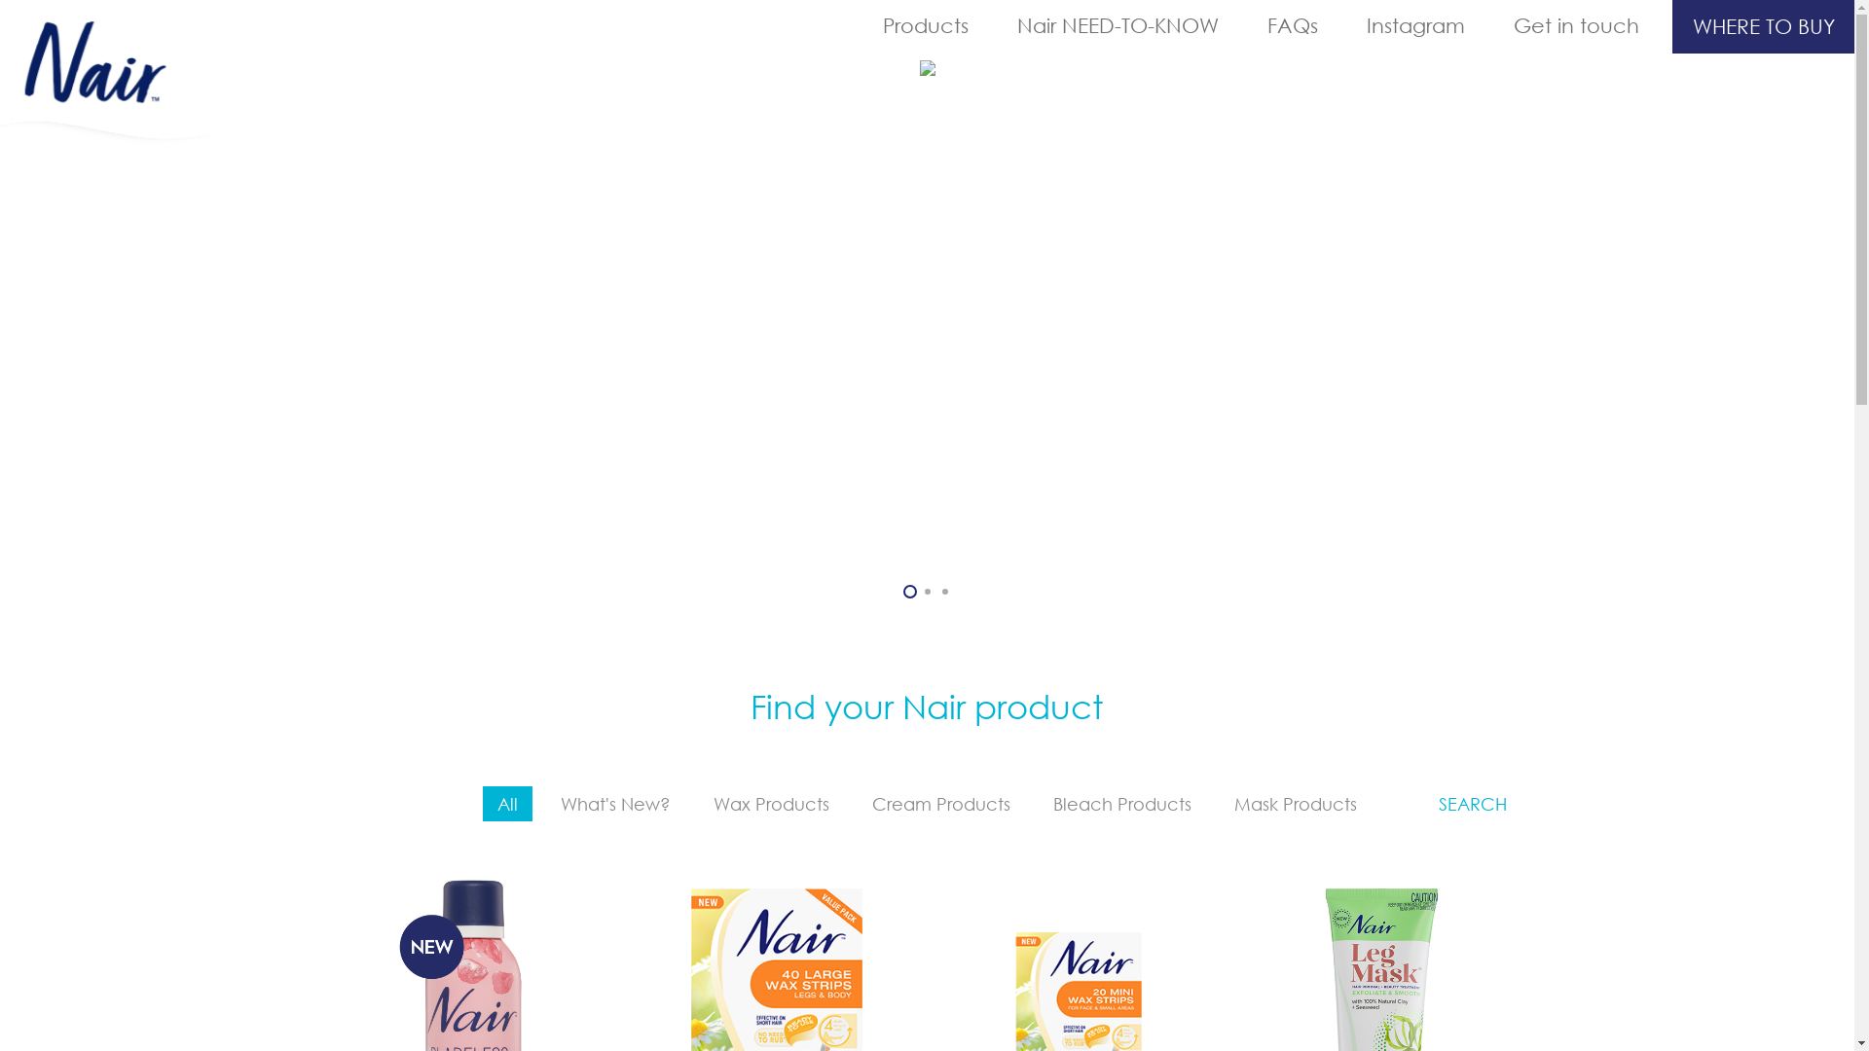 The image size is (1869, 1051). What do you see at coordinates (992, 25) in the screenshot?
I see `'Nair NEED-TO-KNOW'` at bounding box center [992, 25].